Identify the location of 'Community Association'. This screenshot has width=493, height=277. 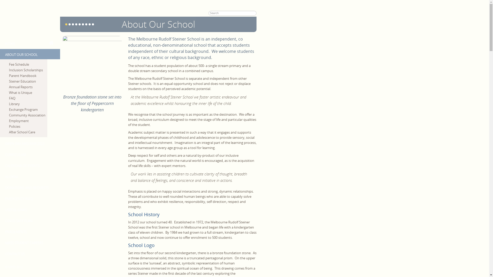
(28, 115).